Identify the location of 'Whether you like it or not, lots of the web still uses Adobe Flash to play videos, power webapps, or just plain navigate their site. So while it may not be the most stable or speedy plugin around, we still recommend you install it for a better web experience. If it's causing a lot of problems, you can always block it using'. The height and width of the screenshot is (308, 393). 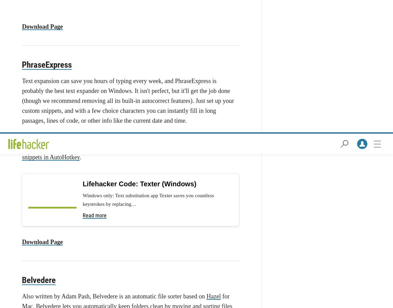
(128, 67).